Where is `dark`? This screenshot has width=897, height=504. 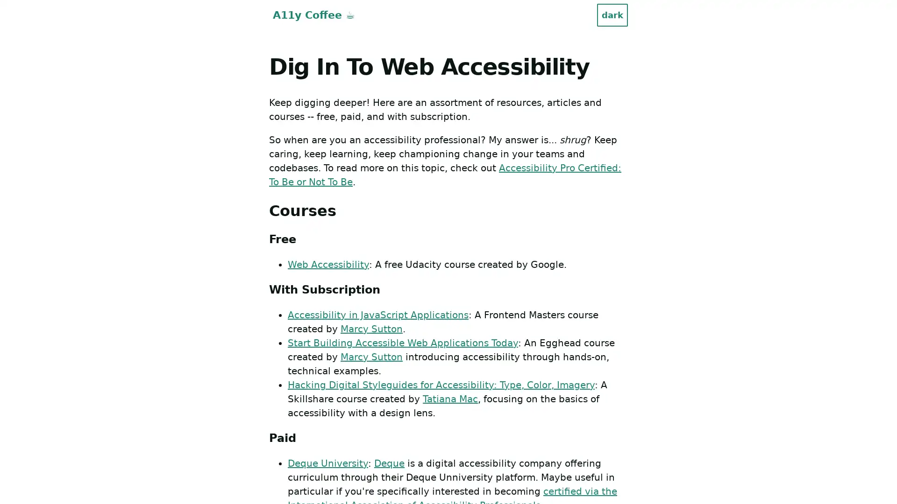
dark is located at coordinates (612, 15).